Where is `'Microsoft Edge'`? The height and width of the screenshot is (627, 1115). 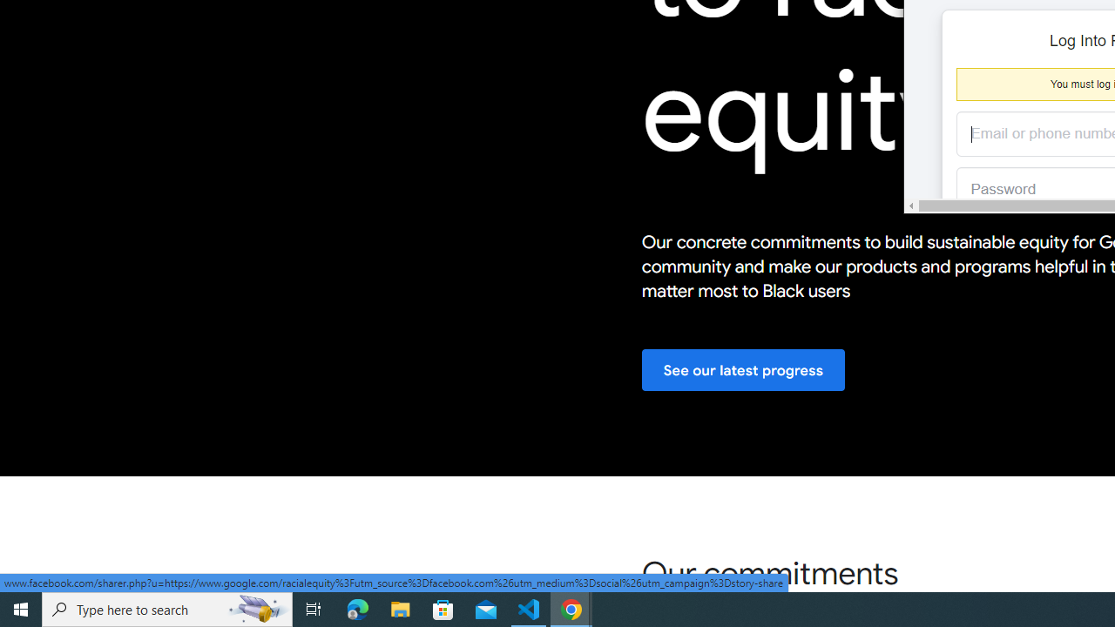
'Microsoft Edge' is located at coordinates (357, 608).